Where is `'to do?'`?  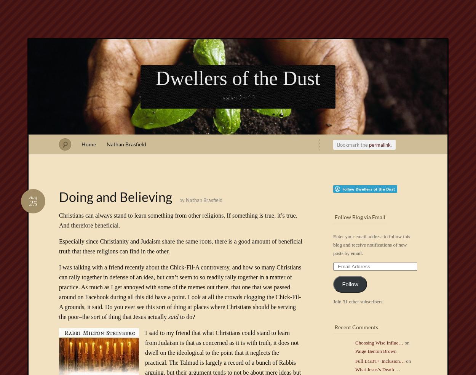 'to do?' is located at coordinates (186, 316).